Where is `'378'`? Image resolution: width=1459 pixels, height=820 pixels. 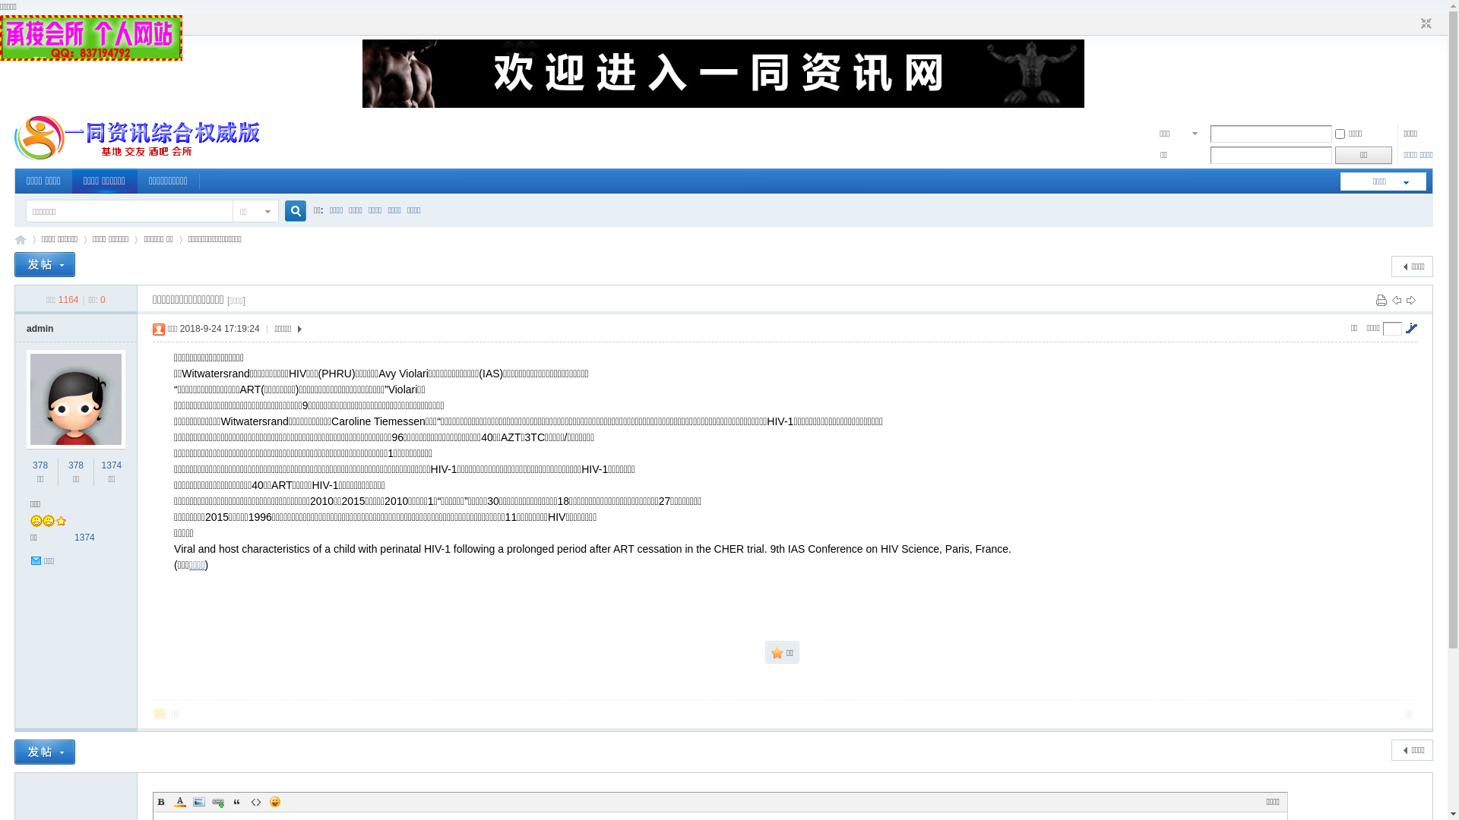 '378' is located at coordinates (75, 465).